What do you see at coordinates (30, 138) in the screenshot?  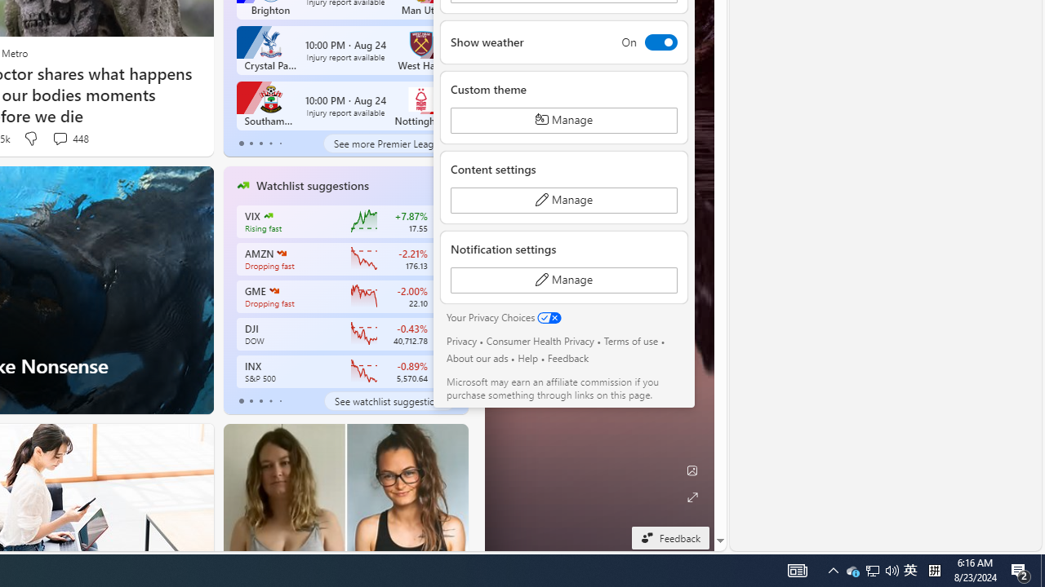 I see `'Dislike'` at bounding box center [30, 138].